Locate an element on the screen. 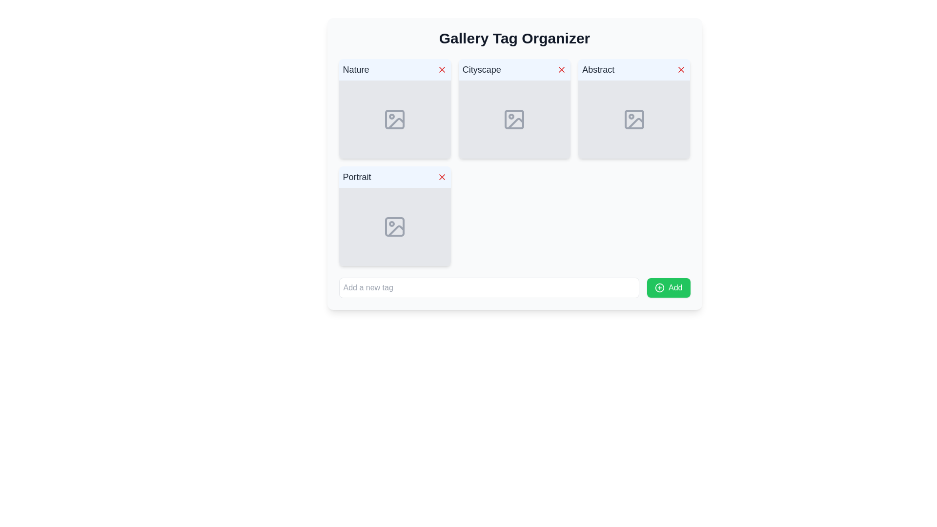  text label located in the top-right corner of the third gallery module, which is part of a light blue header bar and serves as a descriptive label for the gallery section is located at coordinates (598, 69).